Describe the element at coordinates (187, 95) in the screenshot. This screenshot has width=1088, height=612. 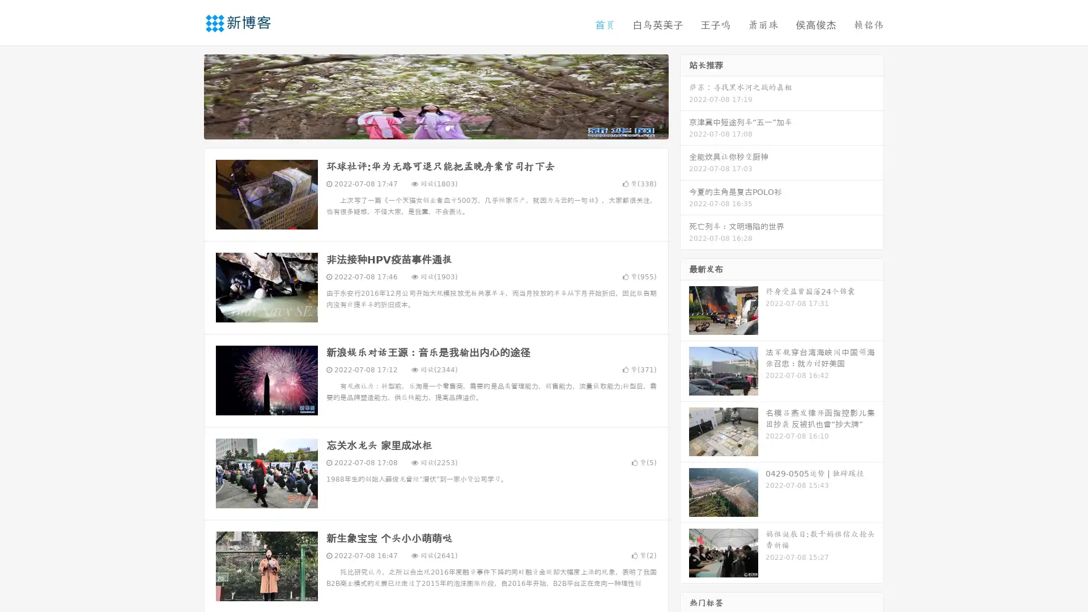
I see `Previous slide` at that location.